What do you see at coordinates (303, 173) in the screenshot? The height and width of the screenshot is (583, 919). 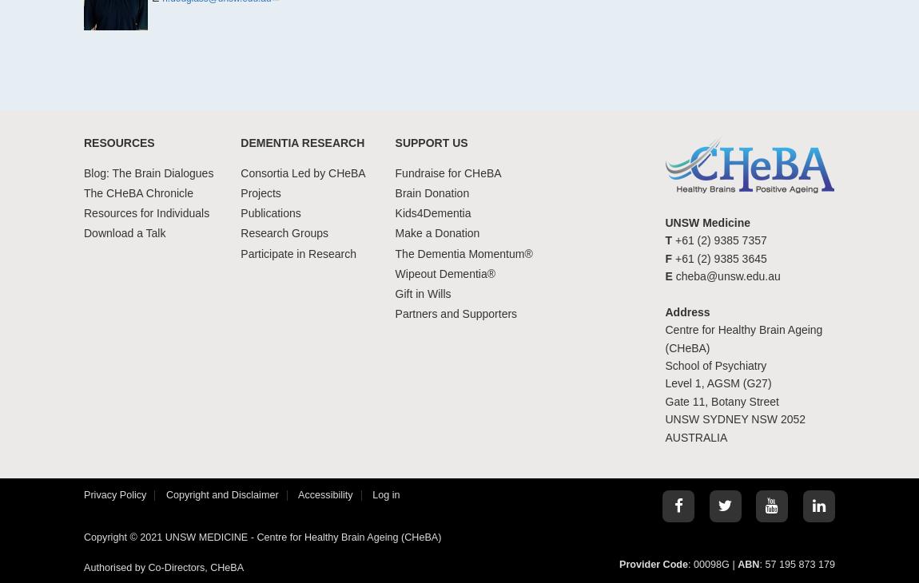 I see `'Consortia Led by CHeBA'` at bounding box center [303, 173].